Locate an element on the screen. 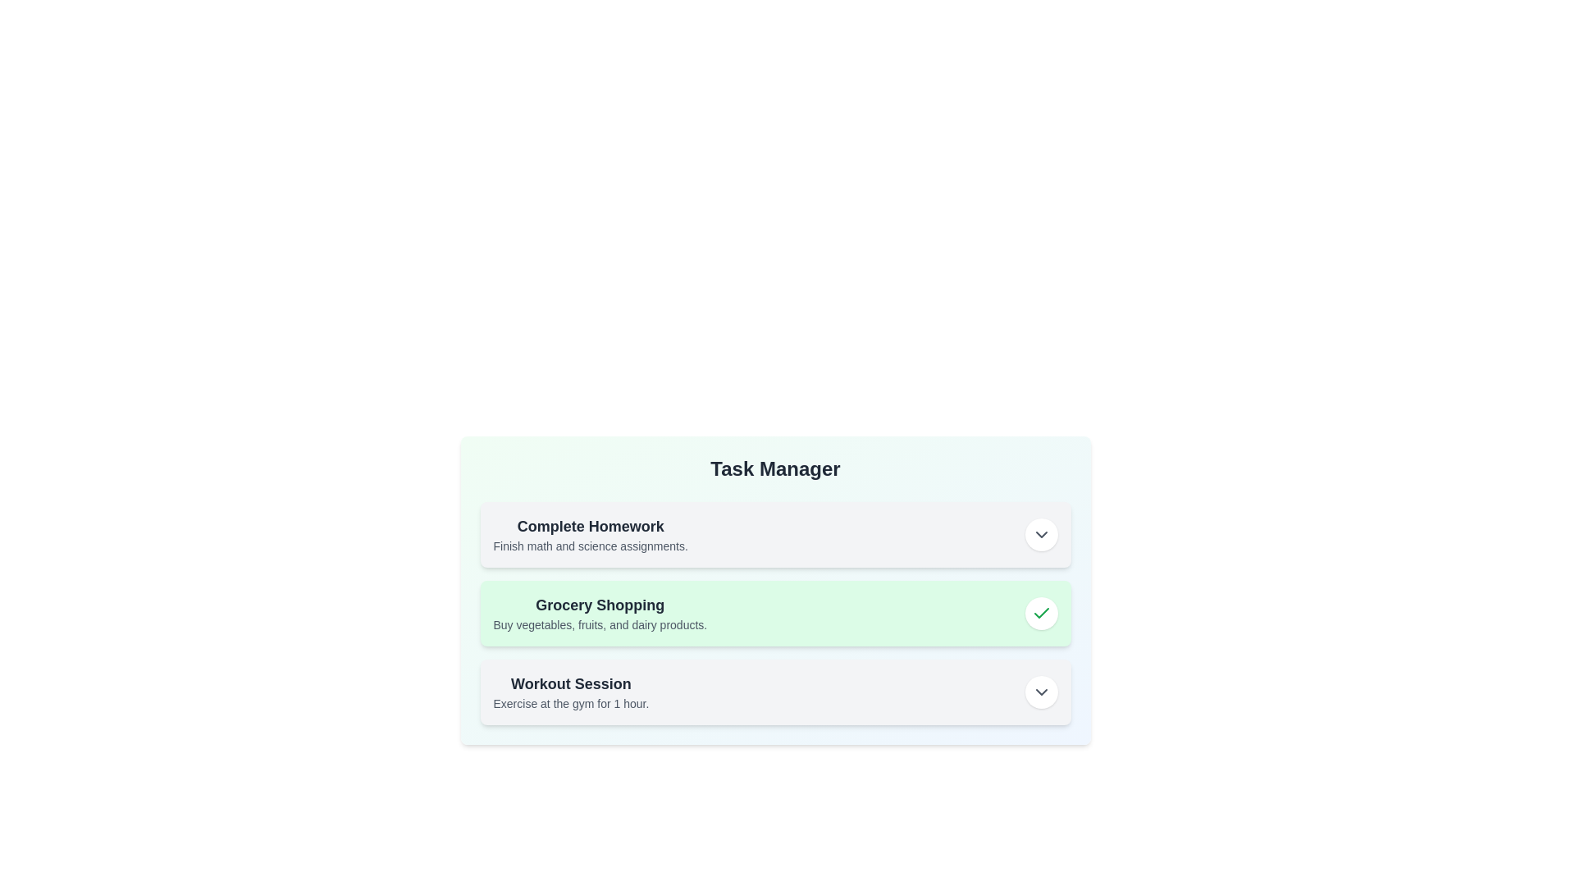 Image resolution: width=1575 pixels, height=886 pixels. the interactive button for task 'Grocery Shopping' is located at coordinates (1040, 614).